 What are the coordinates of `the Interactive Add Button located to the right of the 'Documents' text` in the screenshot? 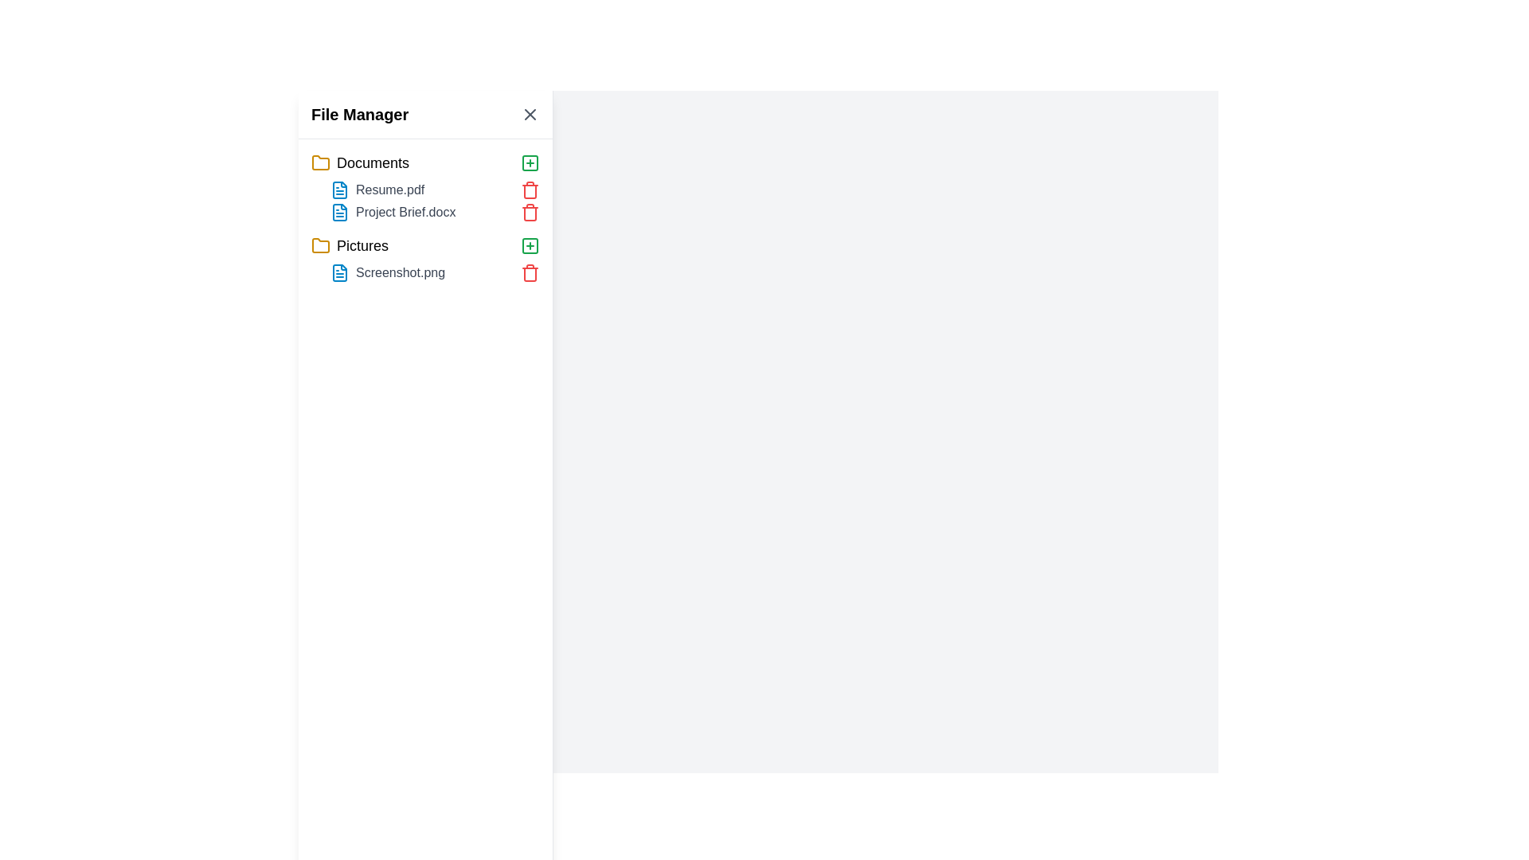 It's located at (530, 162).